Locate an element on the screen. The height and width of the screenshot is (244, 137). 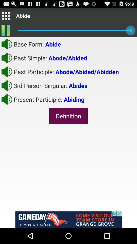
the volume icon is located at coordinates (7, 47).